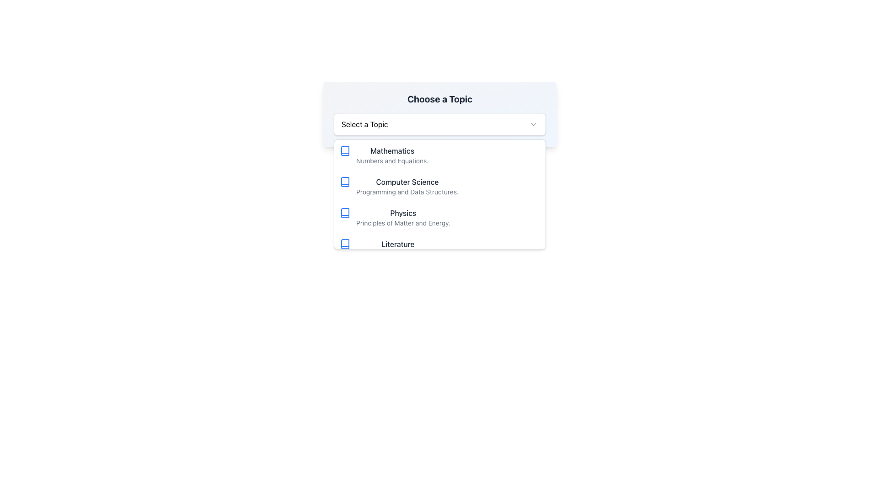  I want to click on the 'Physics' topic list item, so click(439, 217).